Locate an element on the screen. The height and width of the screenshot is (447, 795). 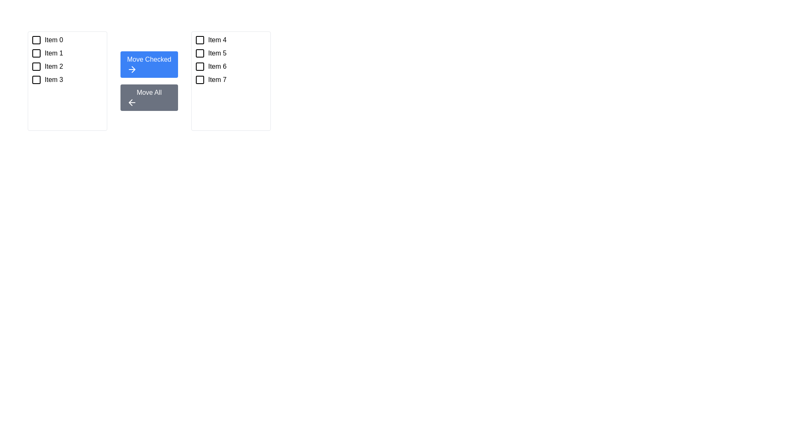
the checkbox next to the list item labeled 'Item 3' is located at coordinates (67, 79).